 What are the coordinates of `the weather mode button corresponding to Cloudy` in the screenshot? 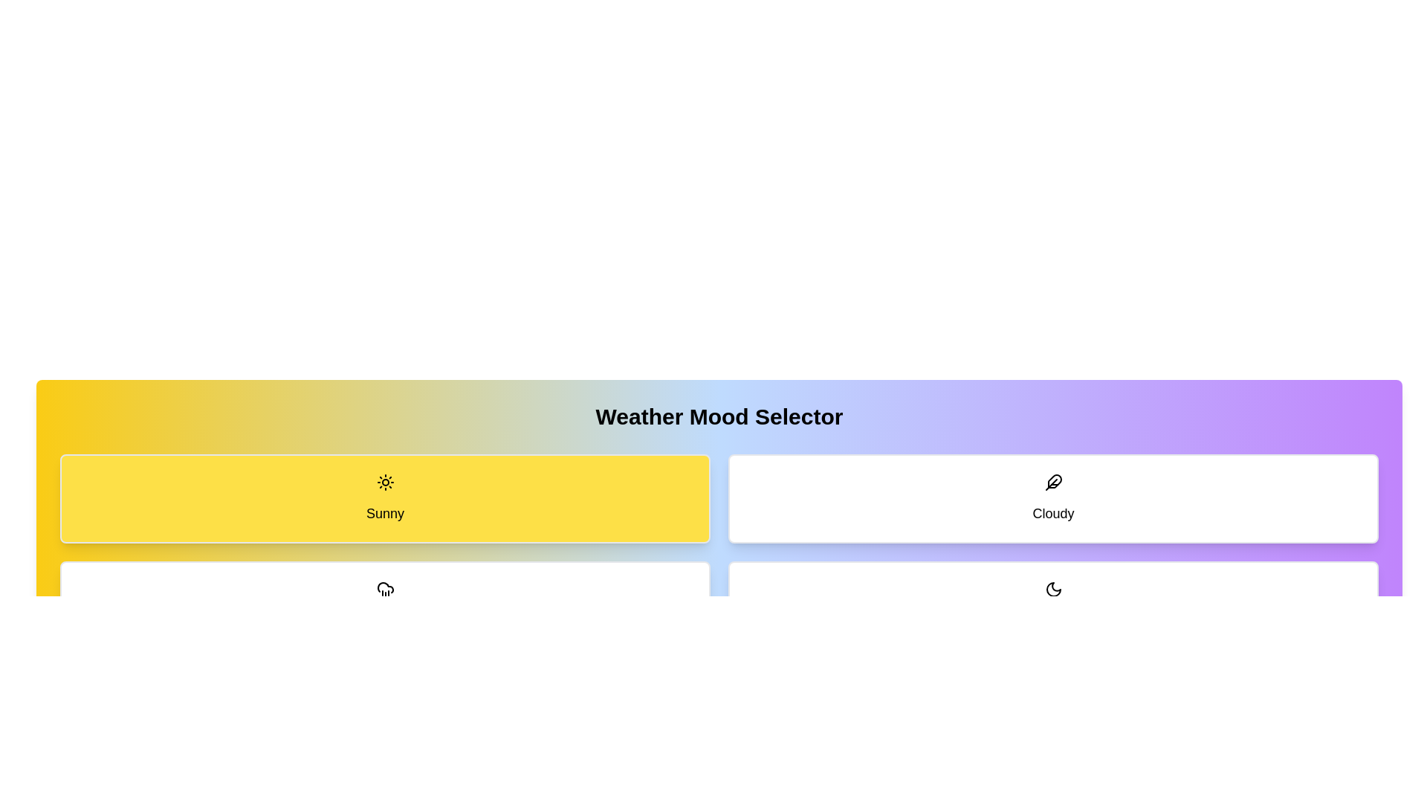 It's located at (1052, 499).